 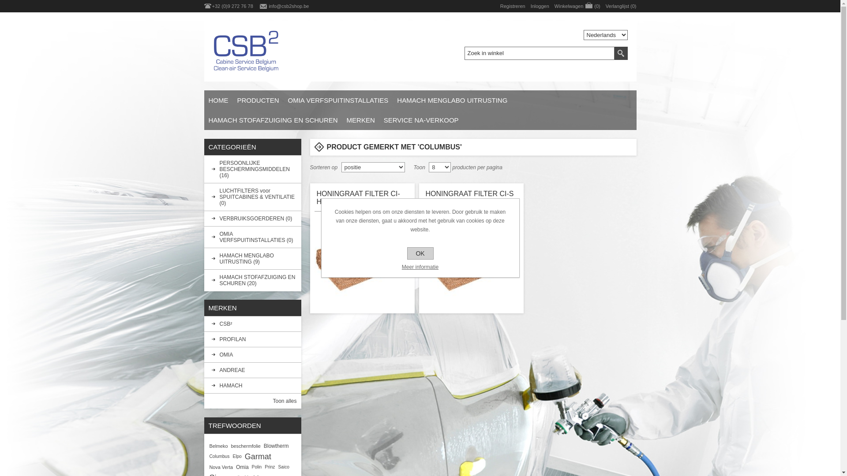 I want to click on 'Polin', so click(x=256, y=467).